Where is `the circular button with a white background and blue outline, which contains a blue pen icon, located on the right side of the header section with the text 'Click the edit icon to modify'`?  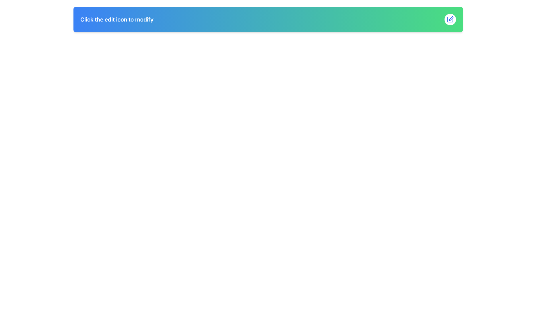 the circular button with a white background and blue outline, which contains a blue pen icon, located on the right side of the header section with the text 'Click the edit icon to modify' is located at coordinates (450, 19).